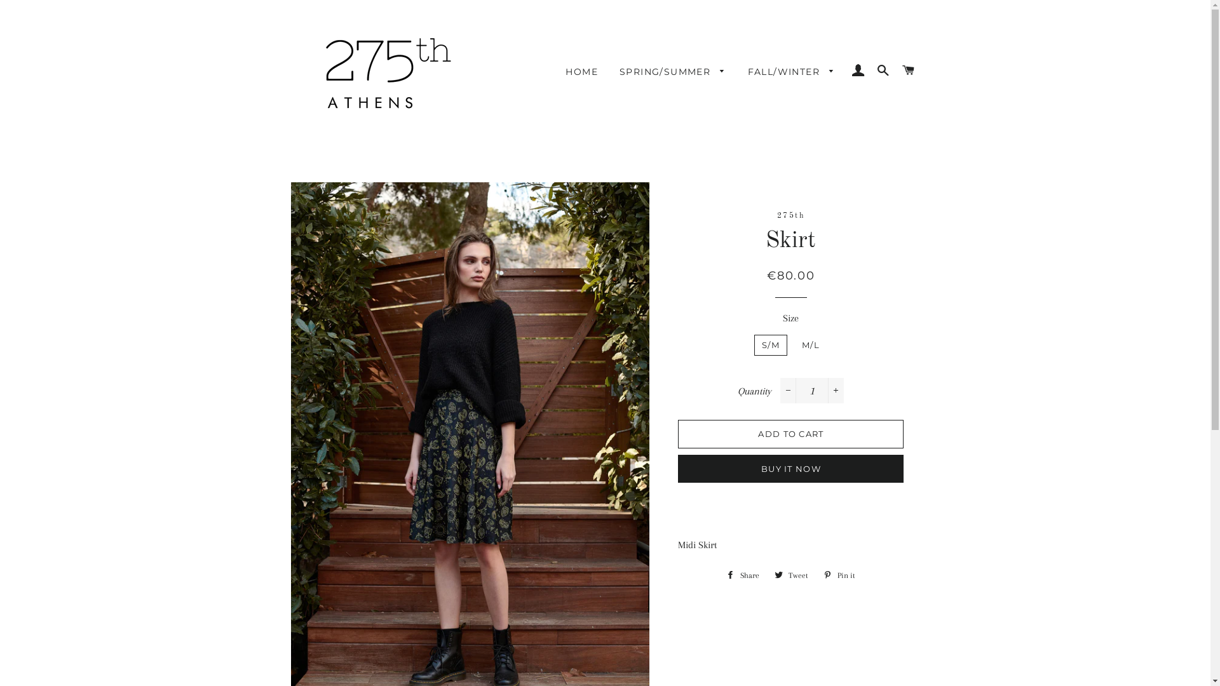 The width and height of the screenshot is (1220, 686). I want to click on 'Tweet, so click(768, 575).